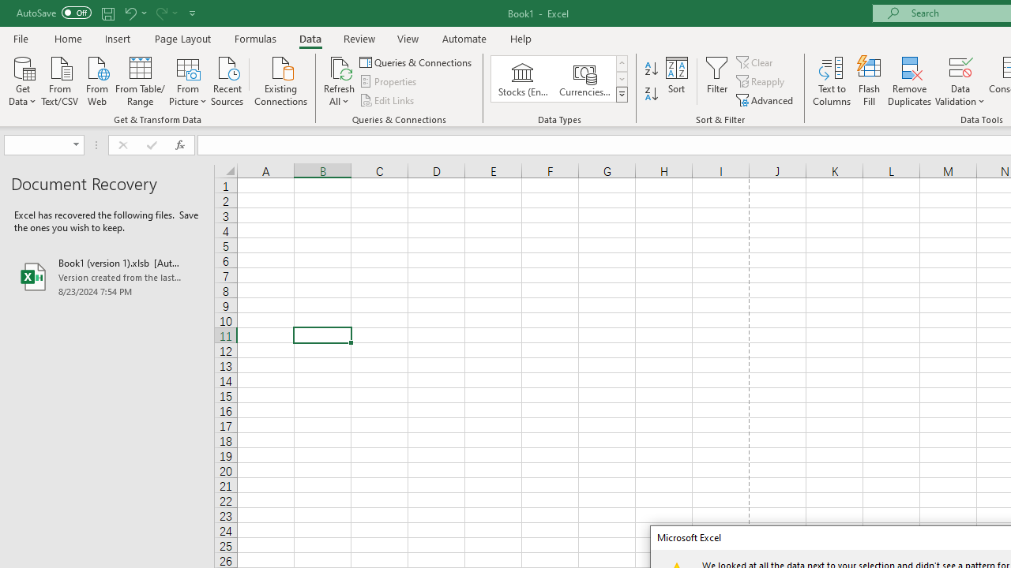 The height and width of the screenshot is (568, 1011). I want to click on 'Sort A to Z', so click(651, 68).